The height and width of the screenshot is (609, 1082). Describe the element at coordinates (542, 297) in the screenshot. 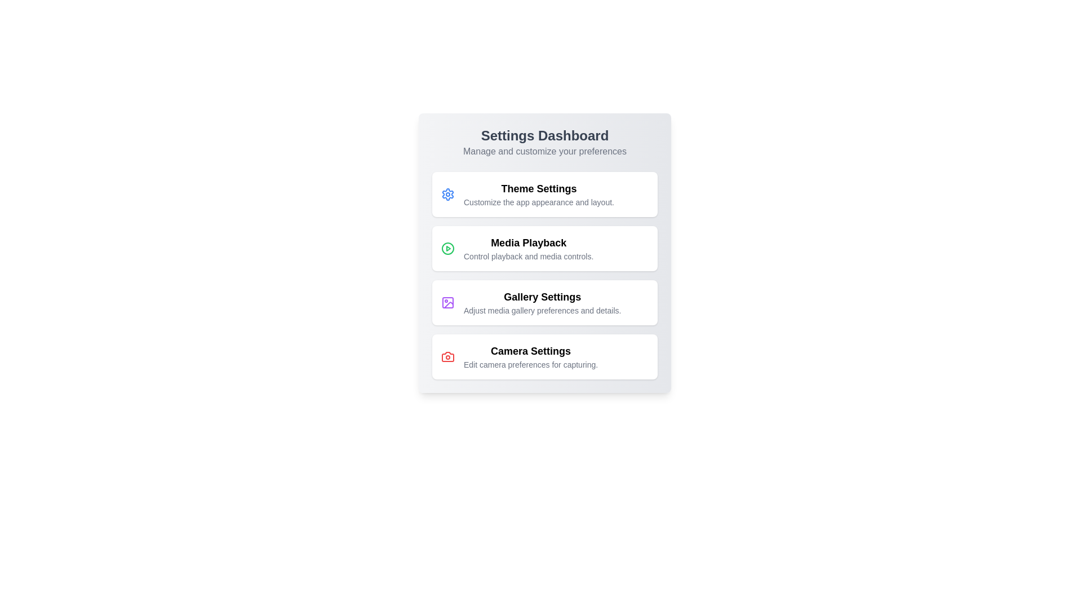

I see `the Text Label indicating 'Gallery Settings', which serves as a title for the section providing context about media gallery preferences` at that location.